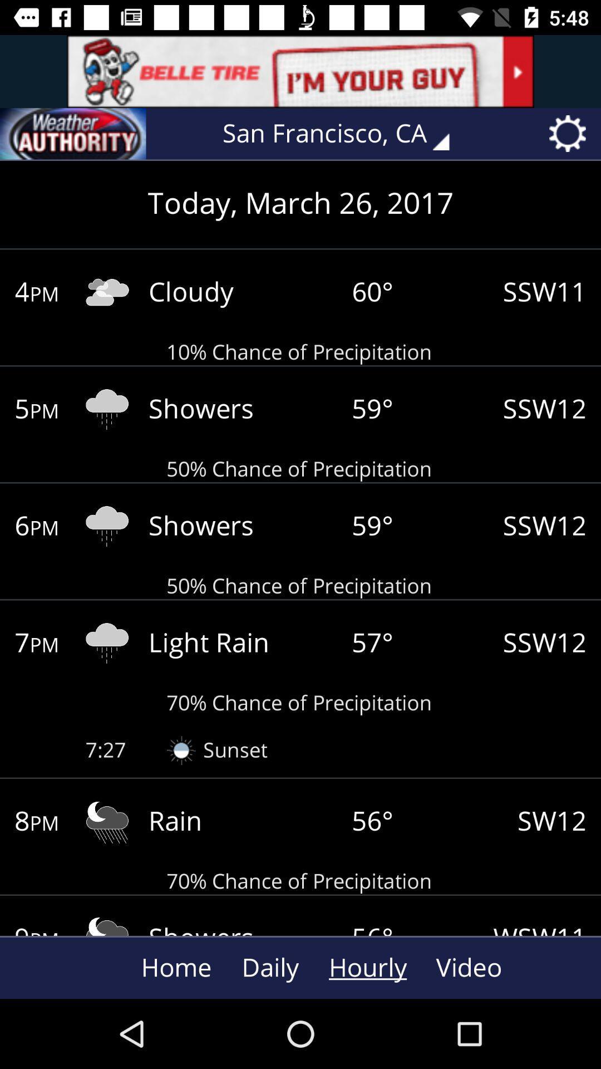  I want to click on the date_range icon, so click(73, 134).